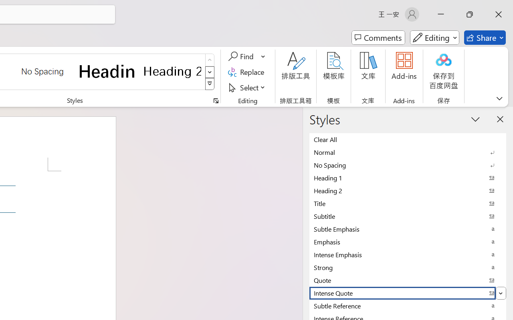 Image resolution: width=513 pixels, height=320 pixels. What do you see at coordinates (408, 306) in the screenshot?
I see `'Subtle Reference'` at bounding box center [408, 306].